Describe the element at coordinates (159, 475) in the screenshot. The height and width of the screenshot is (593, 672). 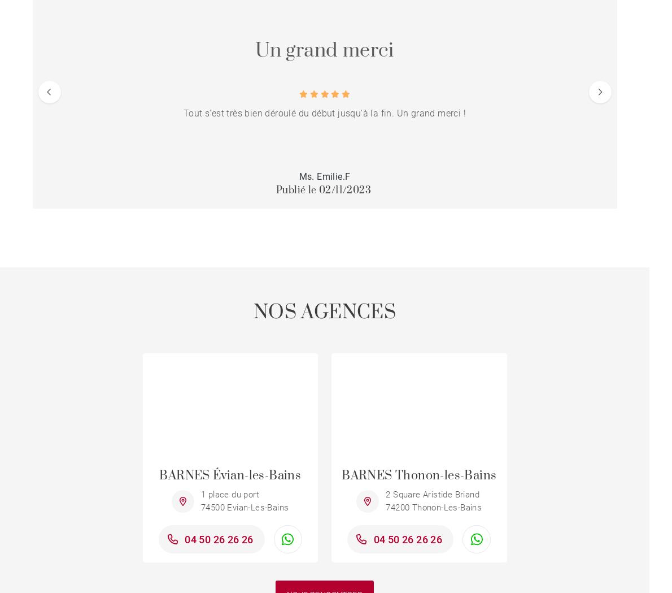
I see `'BARNES Évian-les-Bains'` at that location.